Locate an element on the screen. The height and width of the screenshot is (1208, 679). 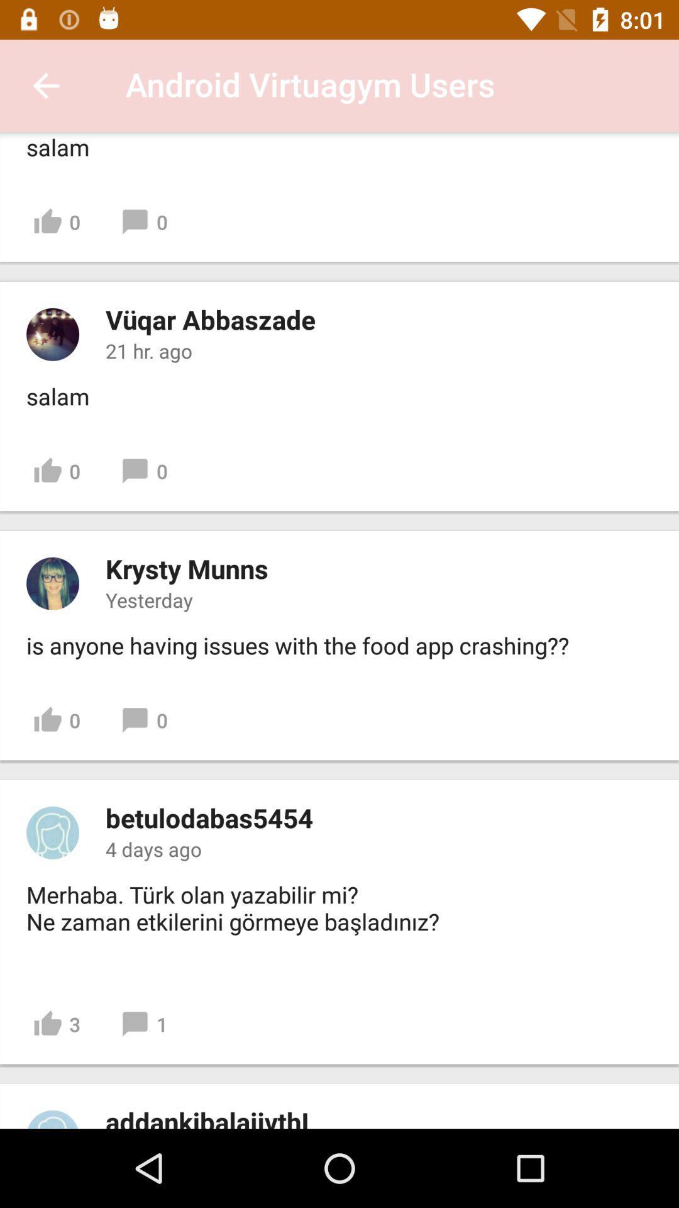
link to user profile is located at coordinates (52, 334).